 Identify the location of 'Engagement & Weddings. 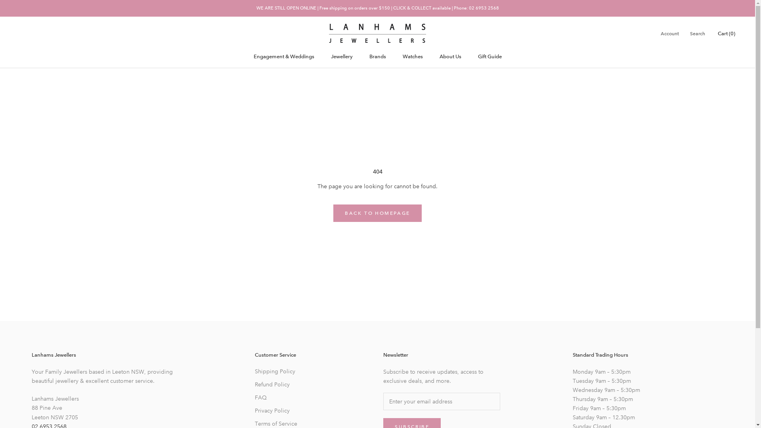
(284, 56).